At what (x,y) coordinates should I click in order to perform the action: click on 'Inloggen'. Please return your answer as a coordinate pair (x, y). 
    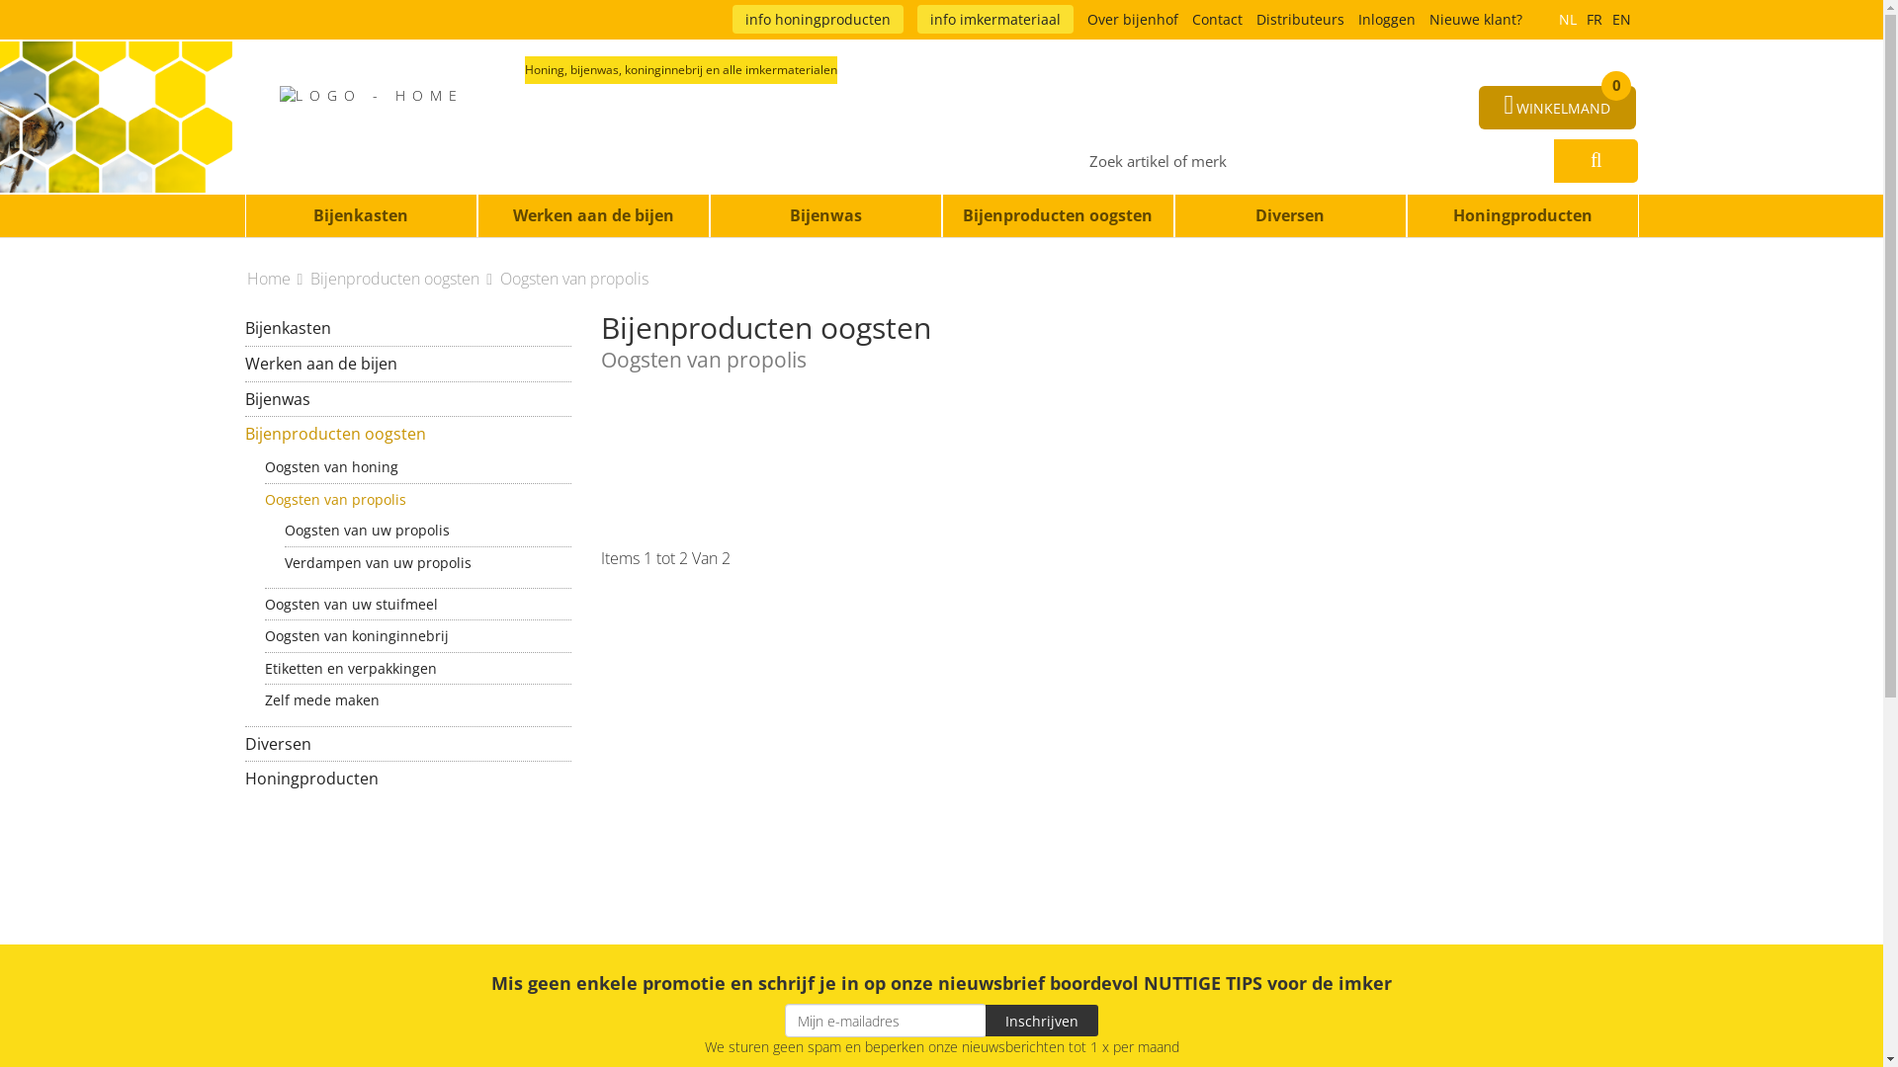
    Looking at the image, I should click on (1385, 19).